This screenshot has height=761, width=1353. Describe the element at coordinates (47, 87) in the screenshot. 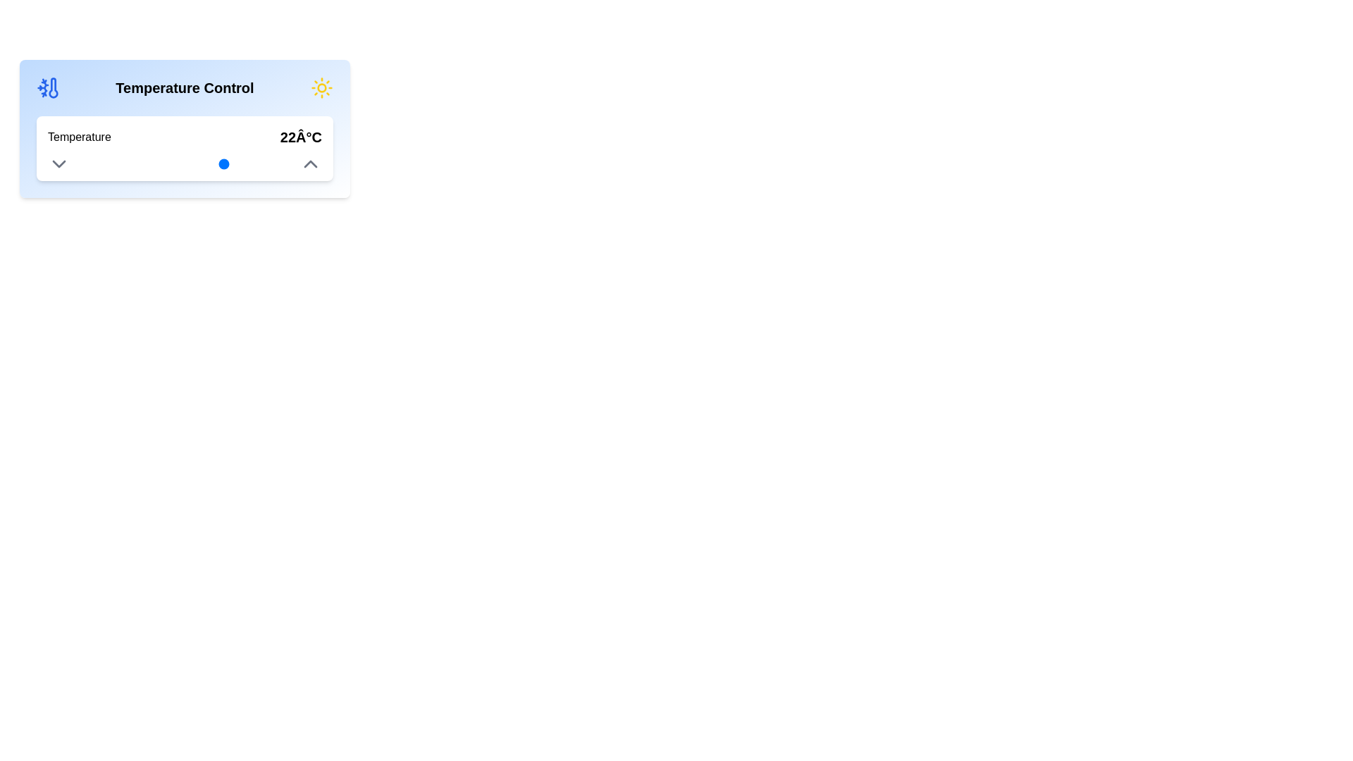

I see `the cooling temperature icon located in the 'Temperature Control' section, adjacent to the label 'Temperature Control'` at that location.